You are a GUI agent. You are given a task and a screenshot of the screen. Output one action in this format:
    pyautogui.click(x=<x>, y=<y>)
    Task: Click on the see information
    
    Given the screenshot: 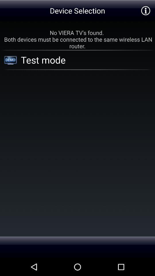 What is the action you would take?
    pyautogui.click(x=146, y=10)
    